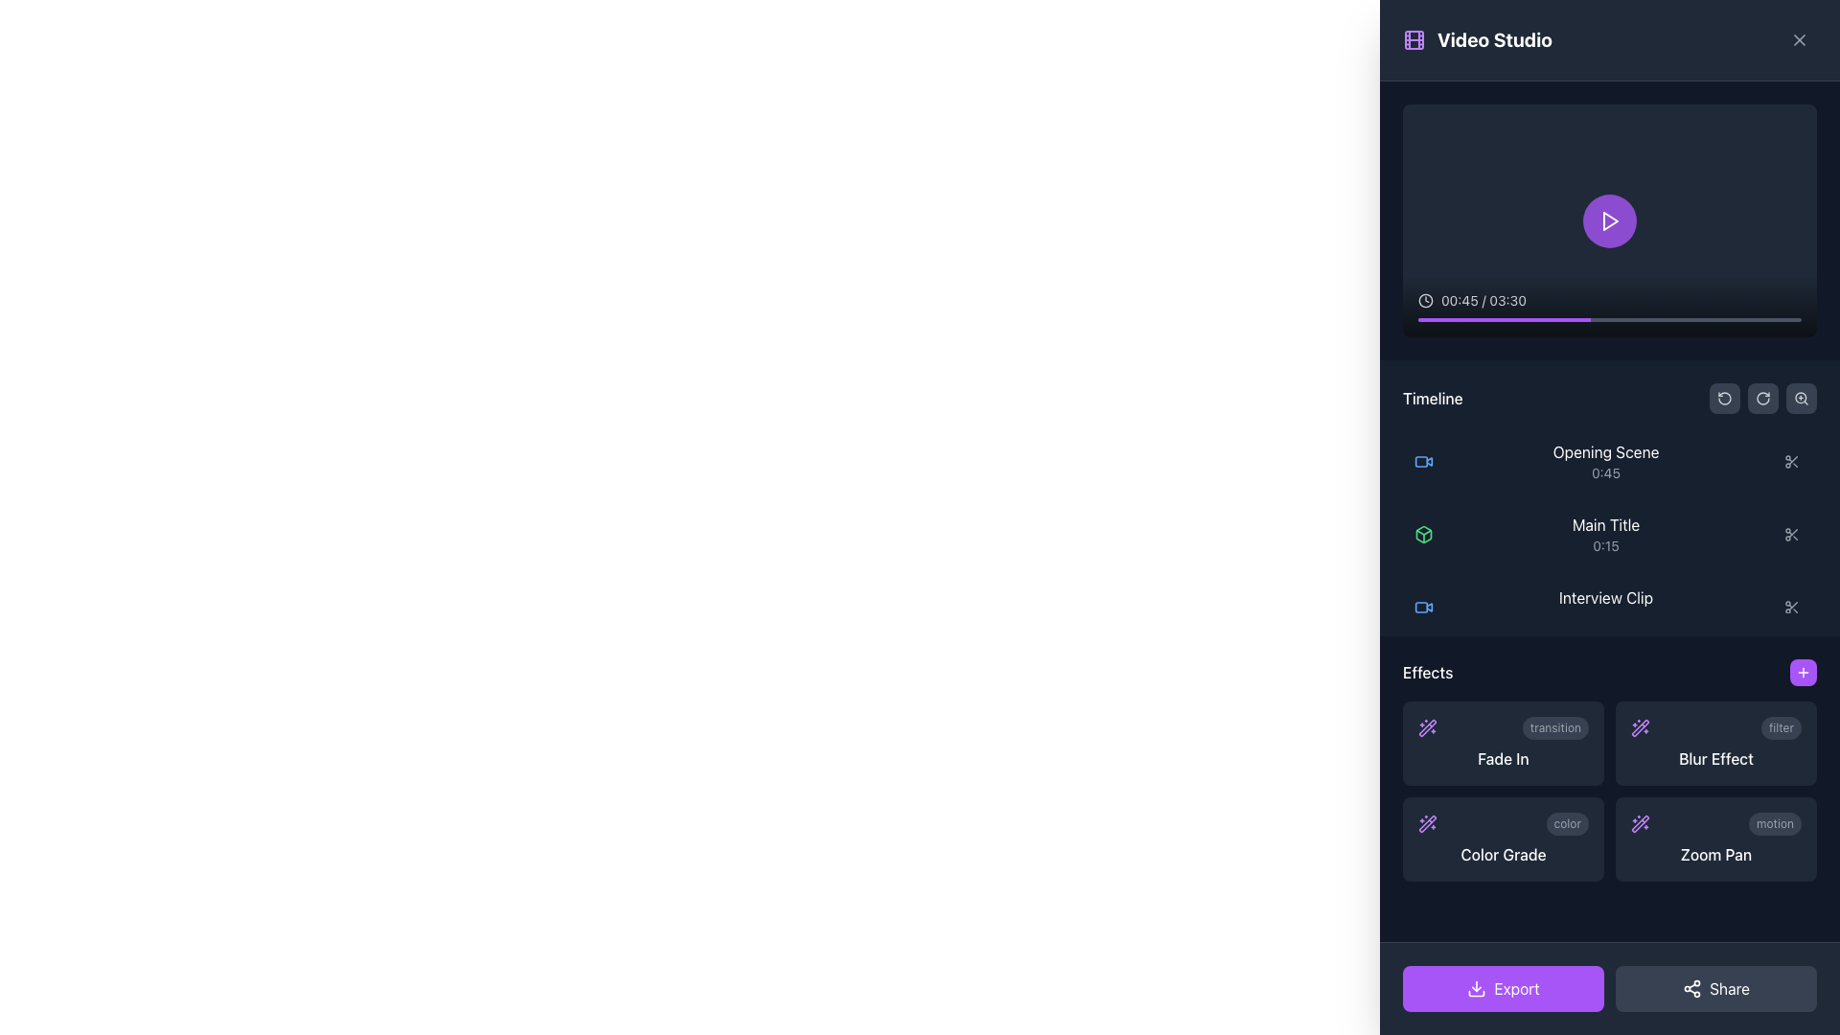 The width and height of the screenshot is (1840, 1035). Describe the element at coordinates (1725, 398) in the screenshot. I see `the circular arrow icon located in the top-right corner of the 'Timeline' section` at that location.